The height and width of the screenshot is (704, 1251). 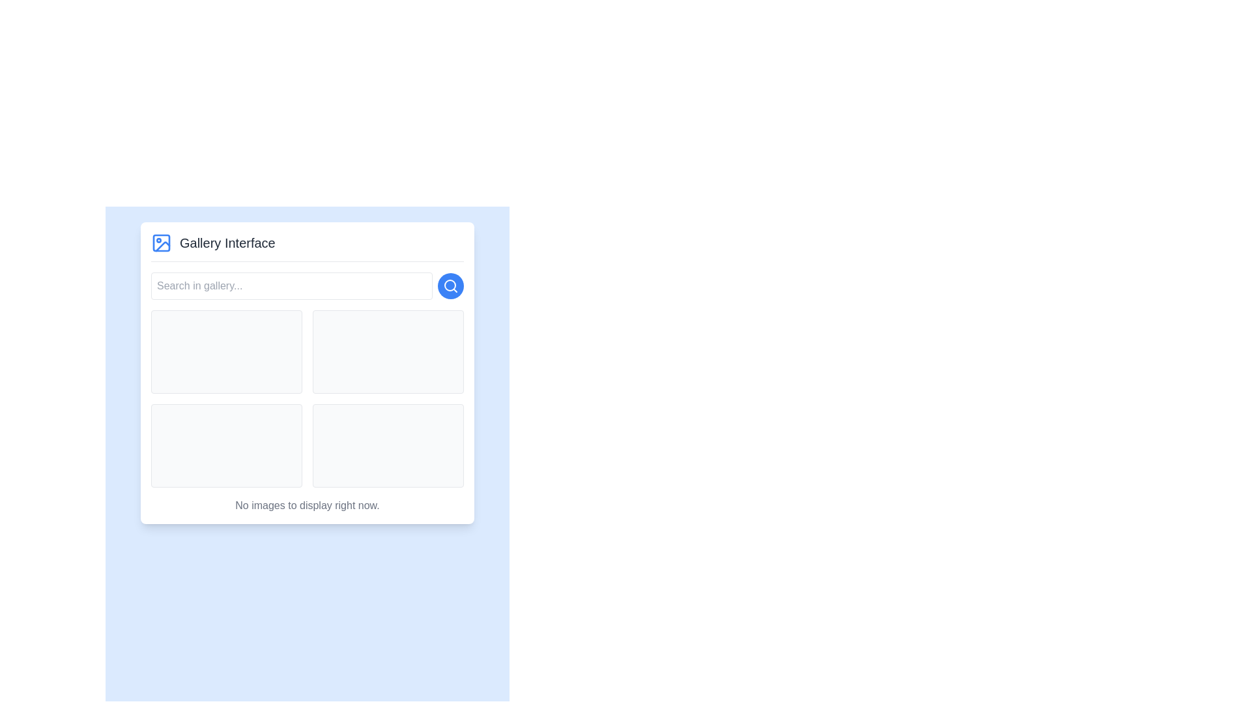 I want to click on the light-gray Placeholder box located in the bottom-right position of the grid, so click(x=387, y=445).